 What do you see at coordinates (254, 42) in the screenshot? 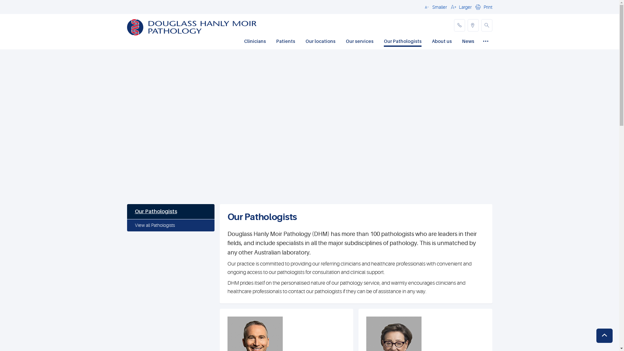
I see `'Clinicians'` at bounding box center [254, 42].